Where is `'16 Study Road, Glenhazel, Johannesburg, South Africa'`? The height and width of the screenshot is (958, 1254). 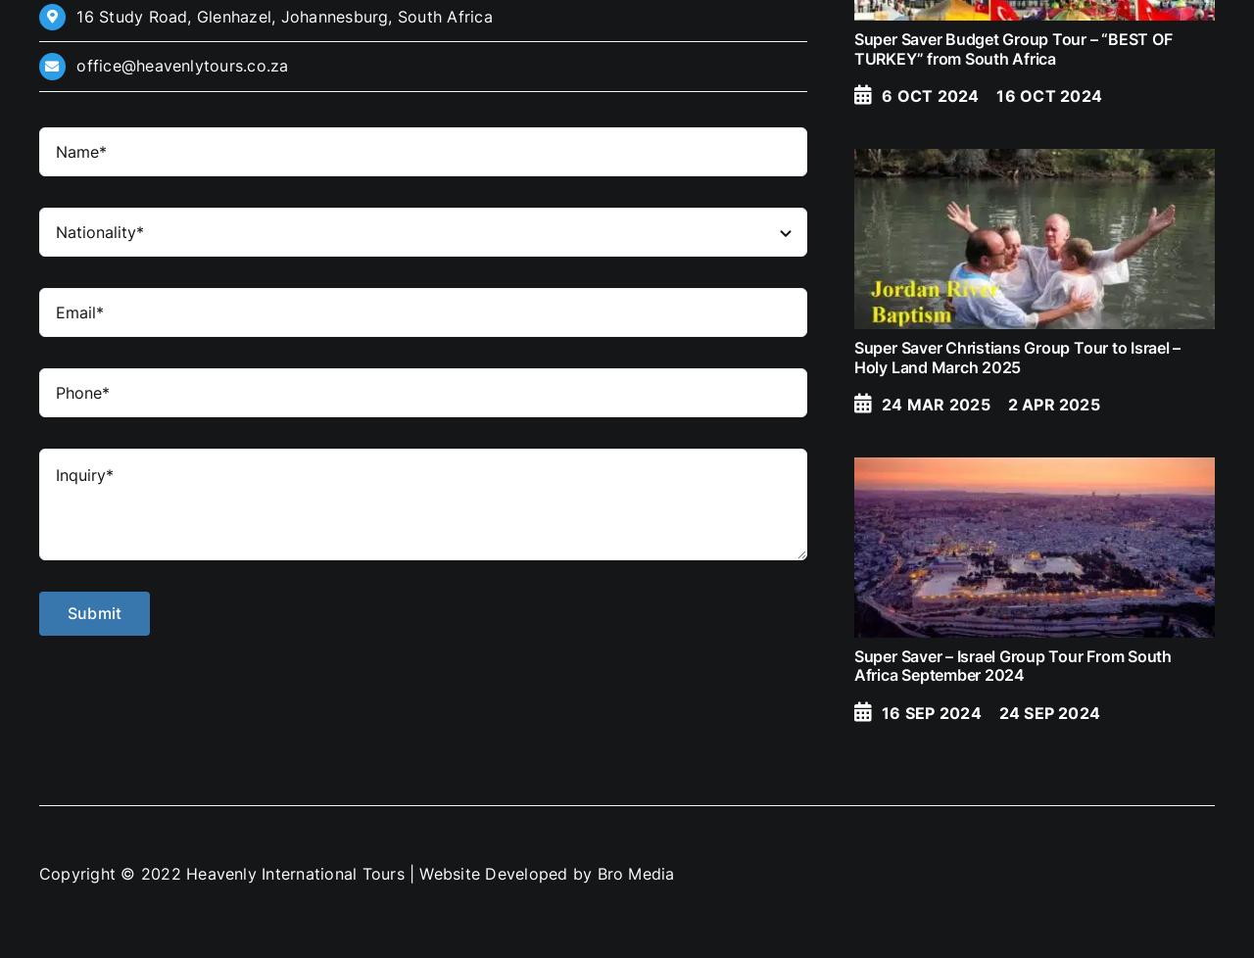
'16 Study Road, Glenhazel, Johannesburg, South Africa' is located at coordinates (283, 16).